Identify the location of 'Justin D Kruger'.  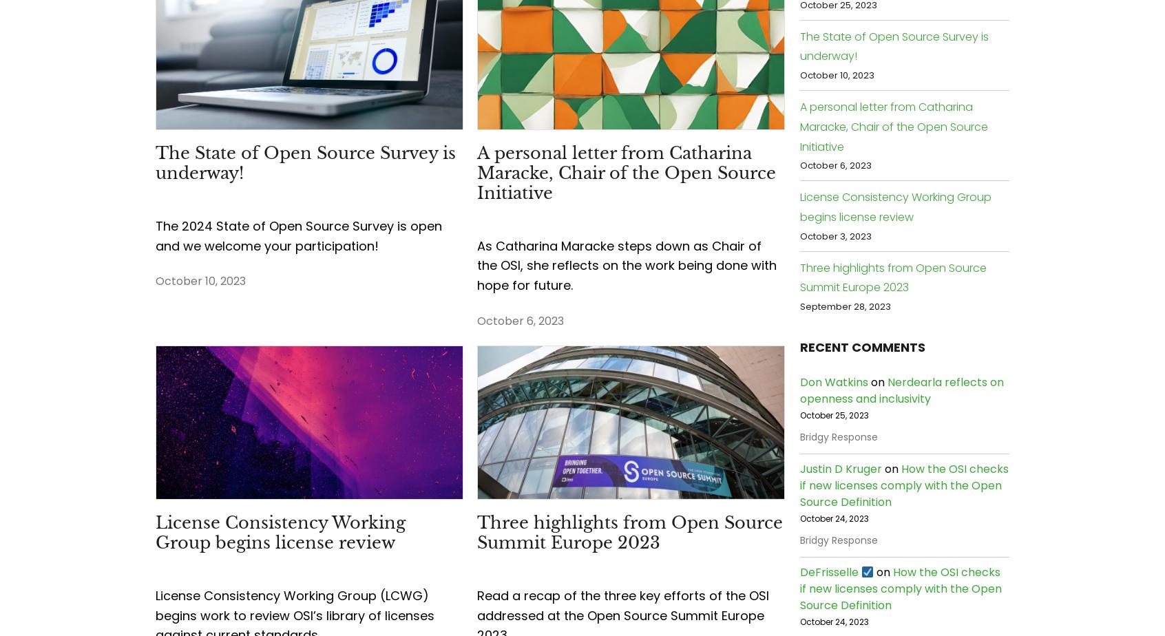
(841, 468).